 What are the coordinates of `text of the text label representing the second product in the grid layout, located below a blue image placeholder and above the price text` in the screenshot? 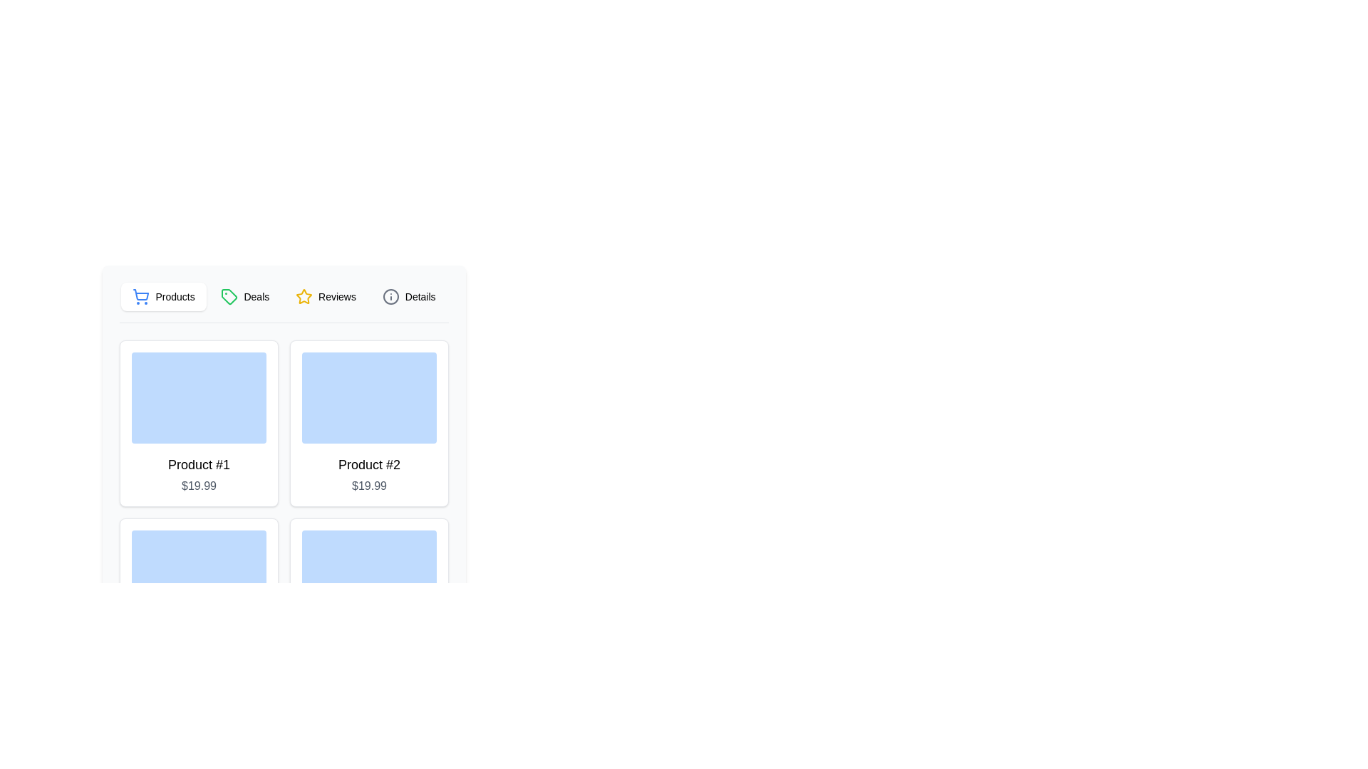 It's located at (369, 464).